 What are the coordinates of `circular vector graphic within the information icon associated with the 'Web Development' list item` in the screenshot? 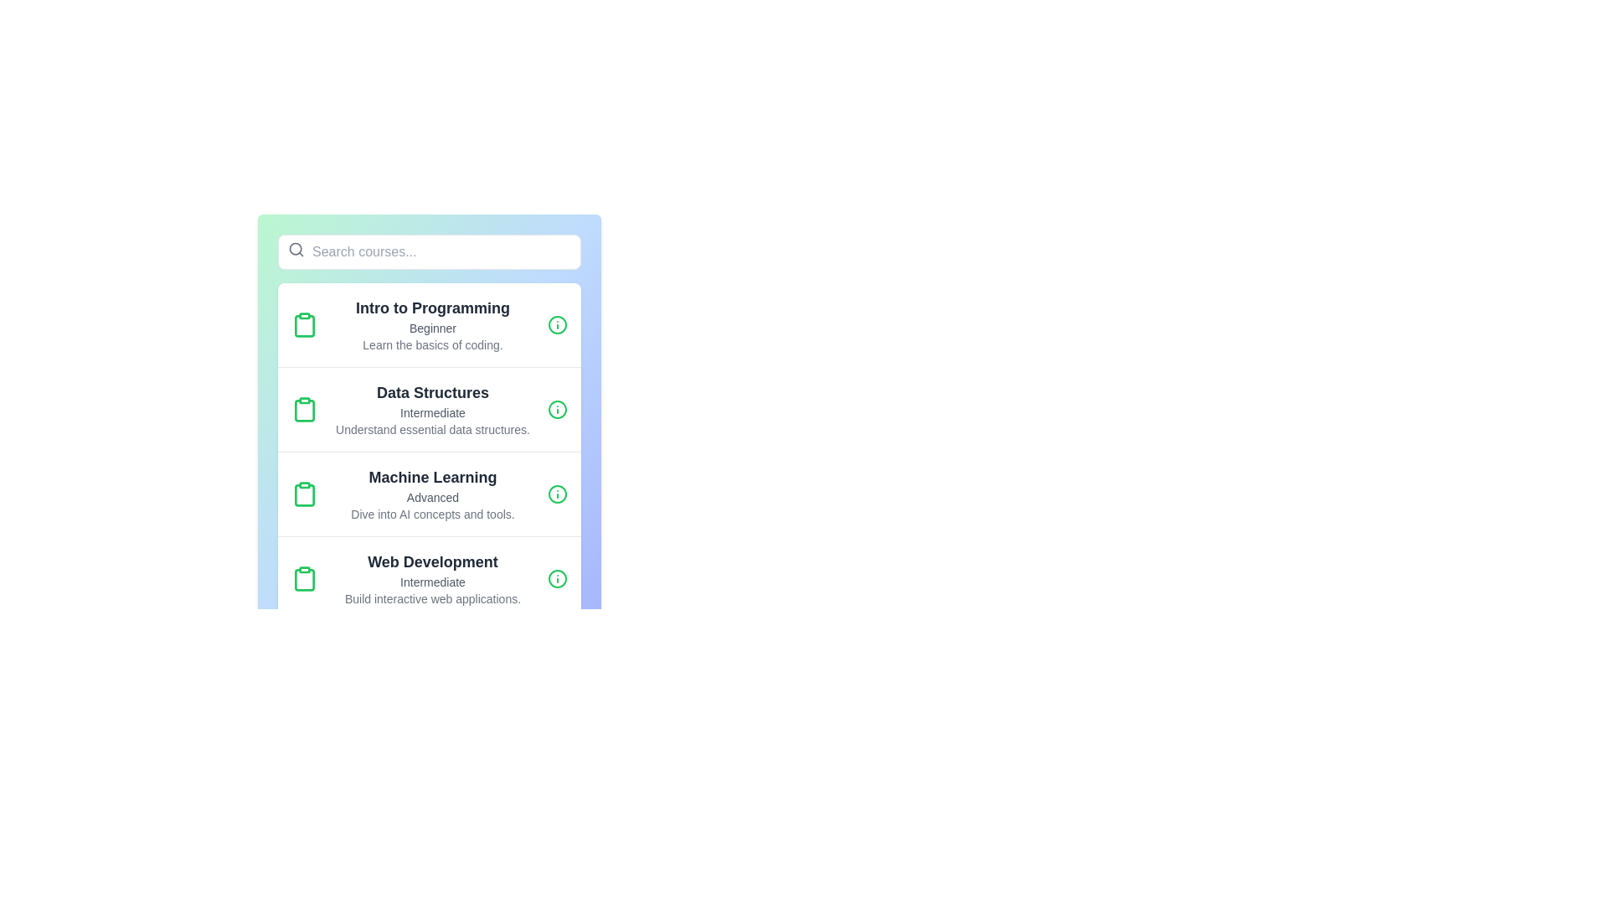 It's located at (558, 577).